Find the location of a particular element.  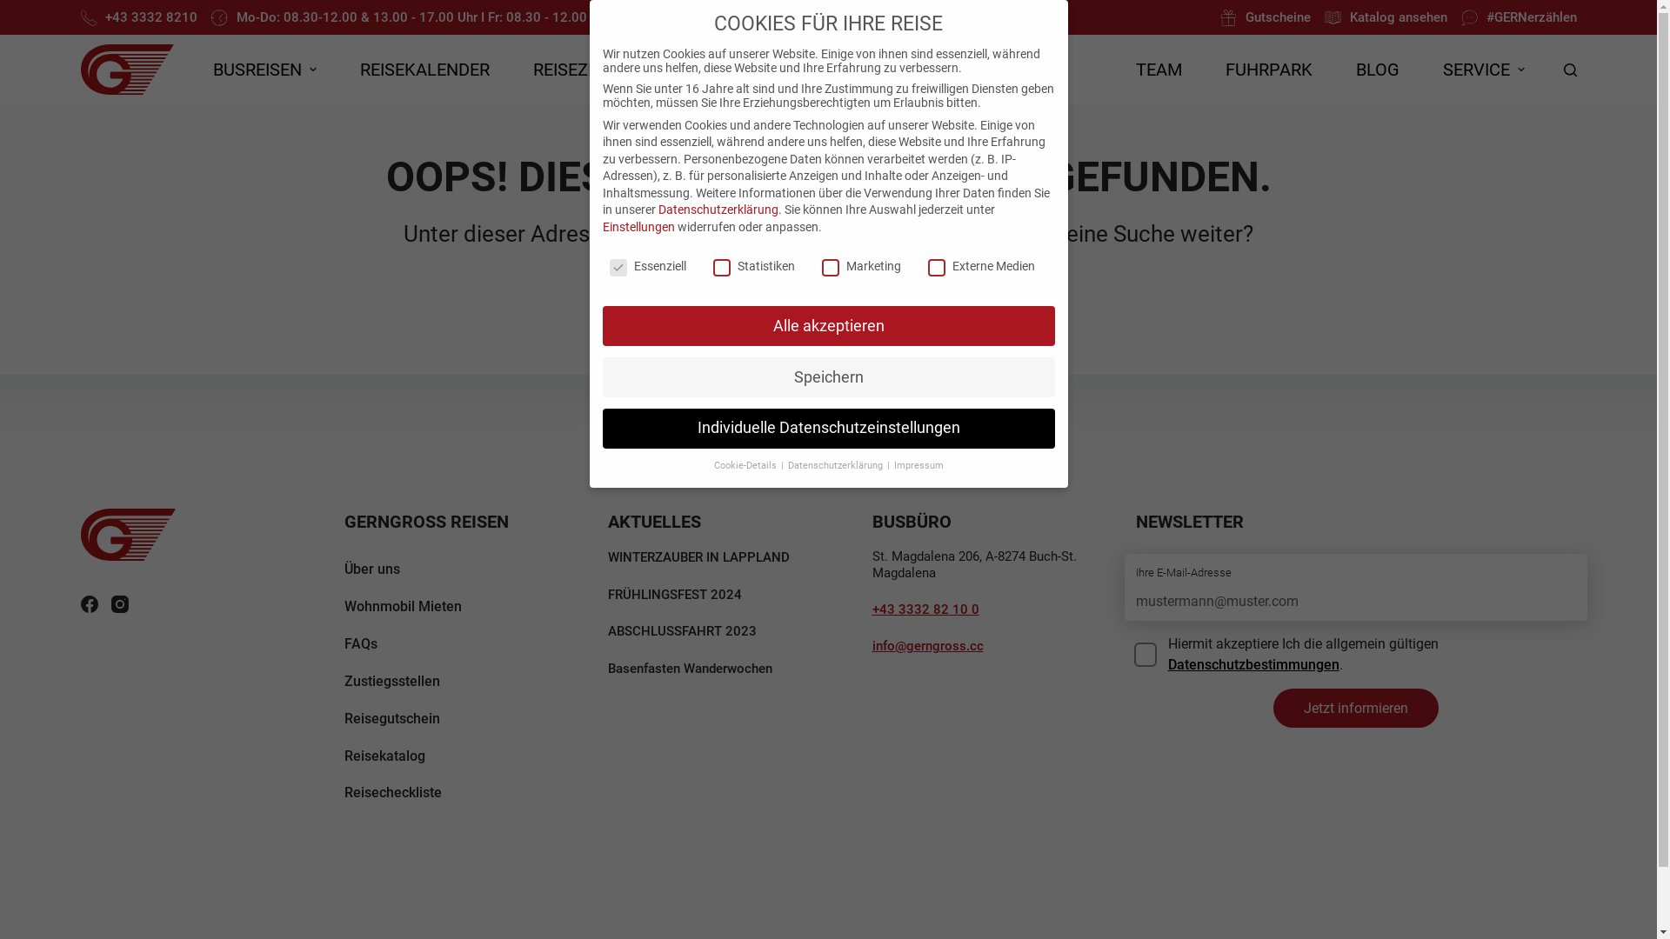

'Gutscheine' is located at coordinates (1265, 17).